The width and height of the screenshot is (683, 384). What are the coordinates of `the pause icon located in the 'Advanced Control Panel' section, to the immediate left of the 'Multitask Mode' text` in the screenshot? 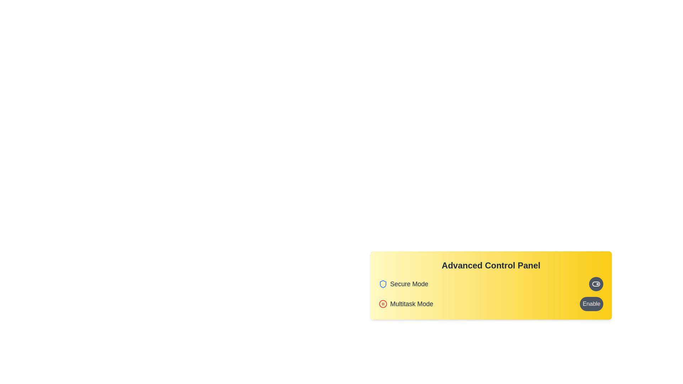 It's located at (382, 304).